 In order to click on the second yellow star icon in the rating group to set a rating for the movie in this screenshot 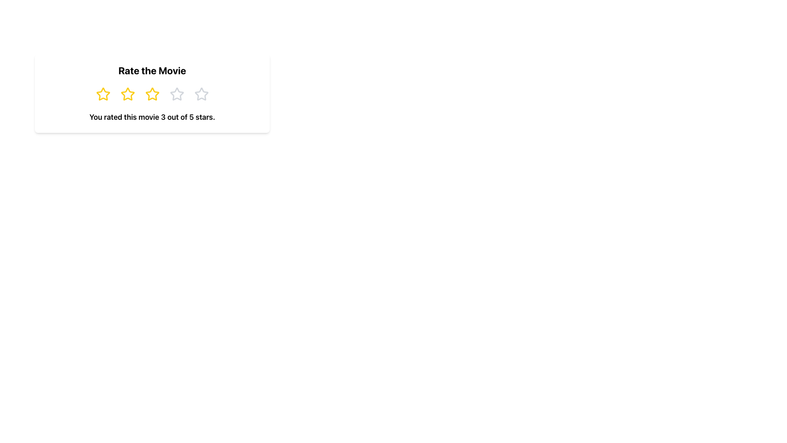, I will do `click(127, 94)`.